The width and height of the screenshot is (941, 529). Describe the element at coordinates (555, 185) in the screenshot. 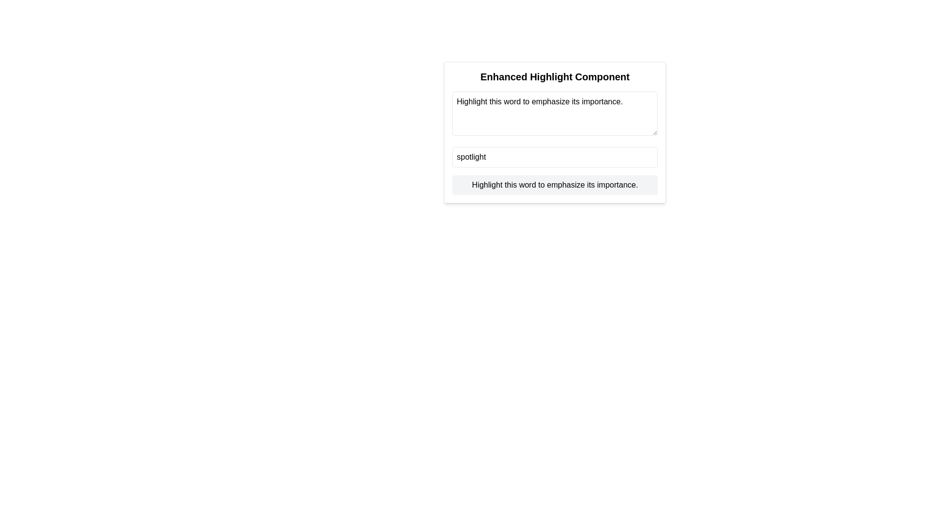

I see `the static text label that contains the text 'Highlight this word to emphasize its importance.' located at the bottom of the 'Enhanced Highlight Component' card` at that location.